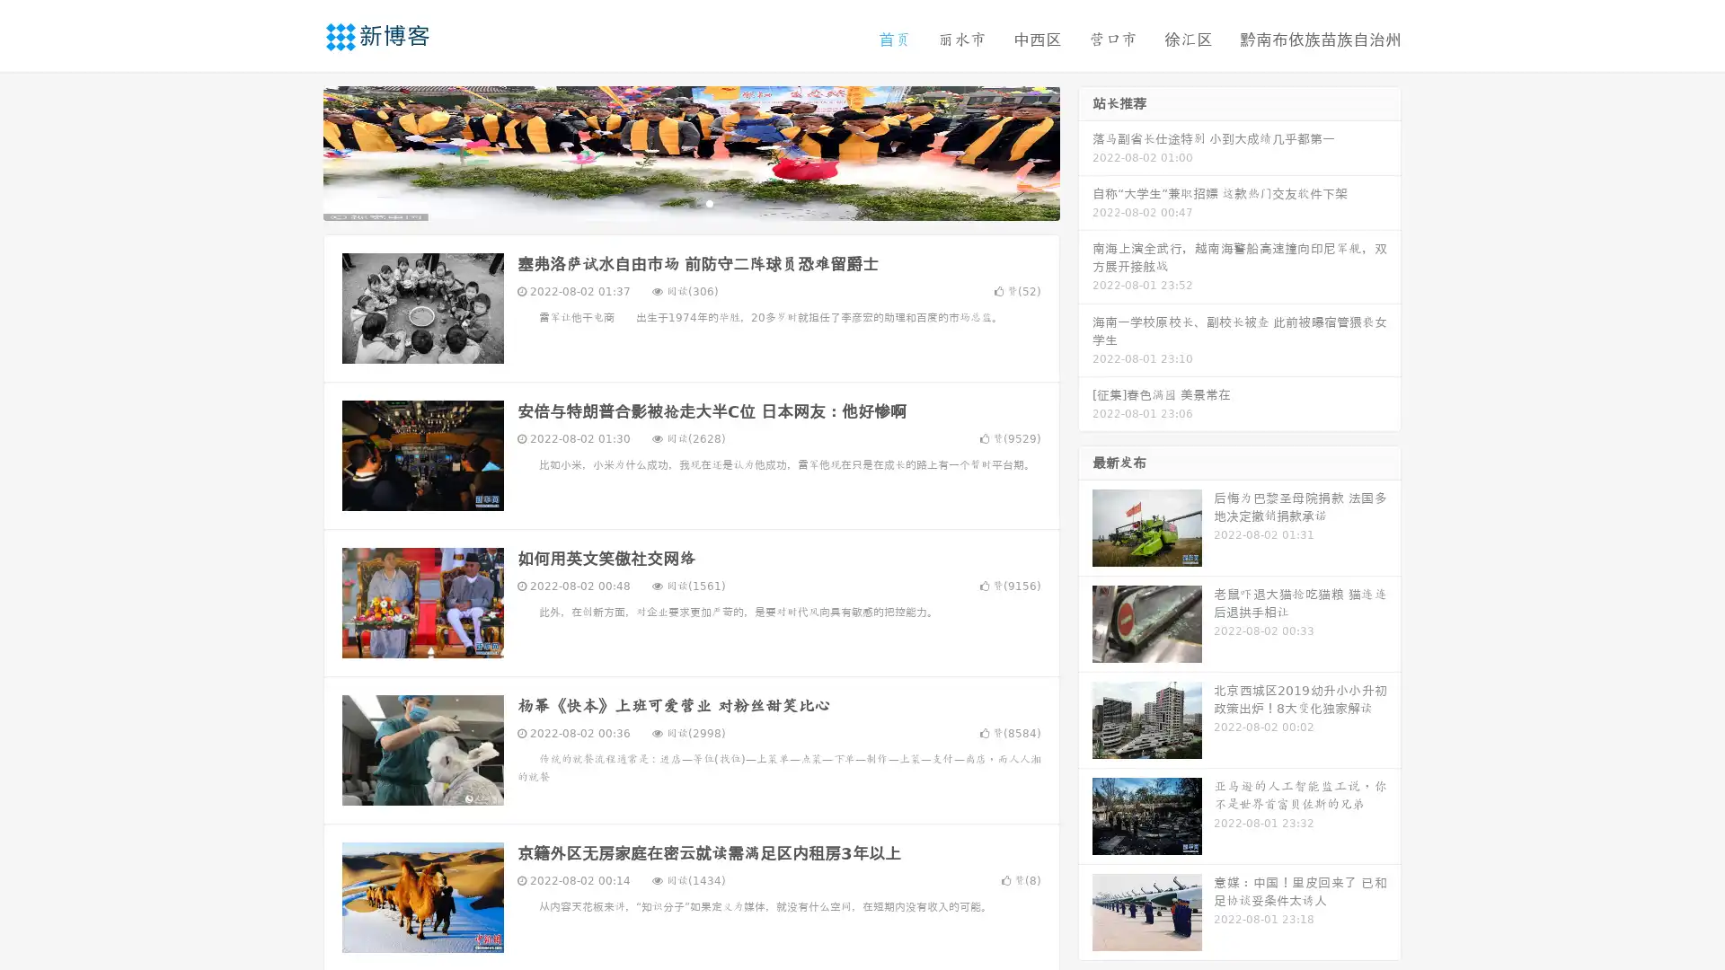  What do you see at coordinates (296, 151) in the screenshot?
I see `Previous slide` at bounding box center [296, 151].